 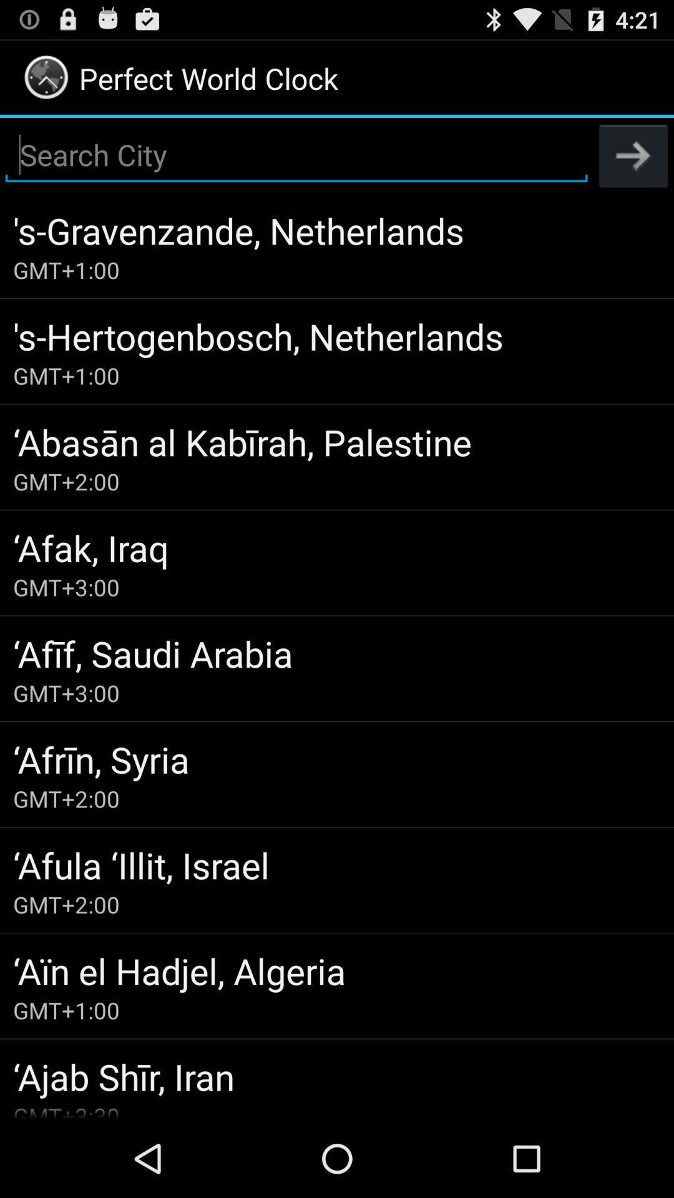 What do you see at coordinates (337, 442) in the screenshot?
I see `item below gmt+1:00 app` at bounding box center [337, 442].